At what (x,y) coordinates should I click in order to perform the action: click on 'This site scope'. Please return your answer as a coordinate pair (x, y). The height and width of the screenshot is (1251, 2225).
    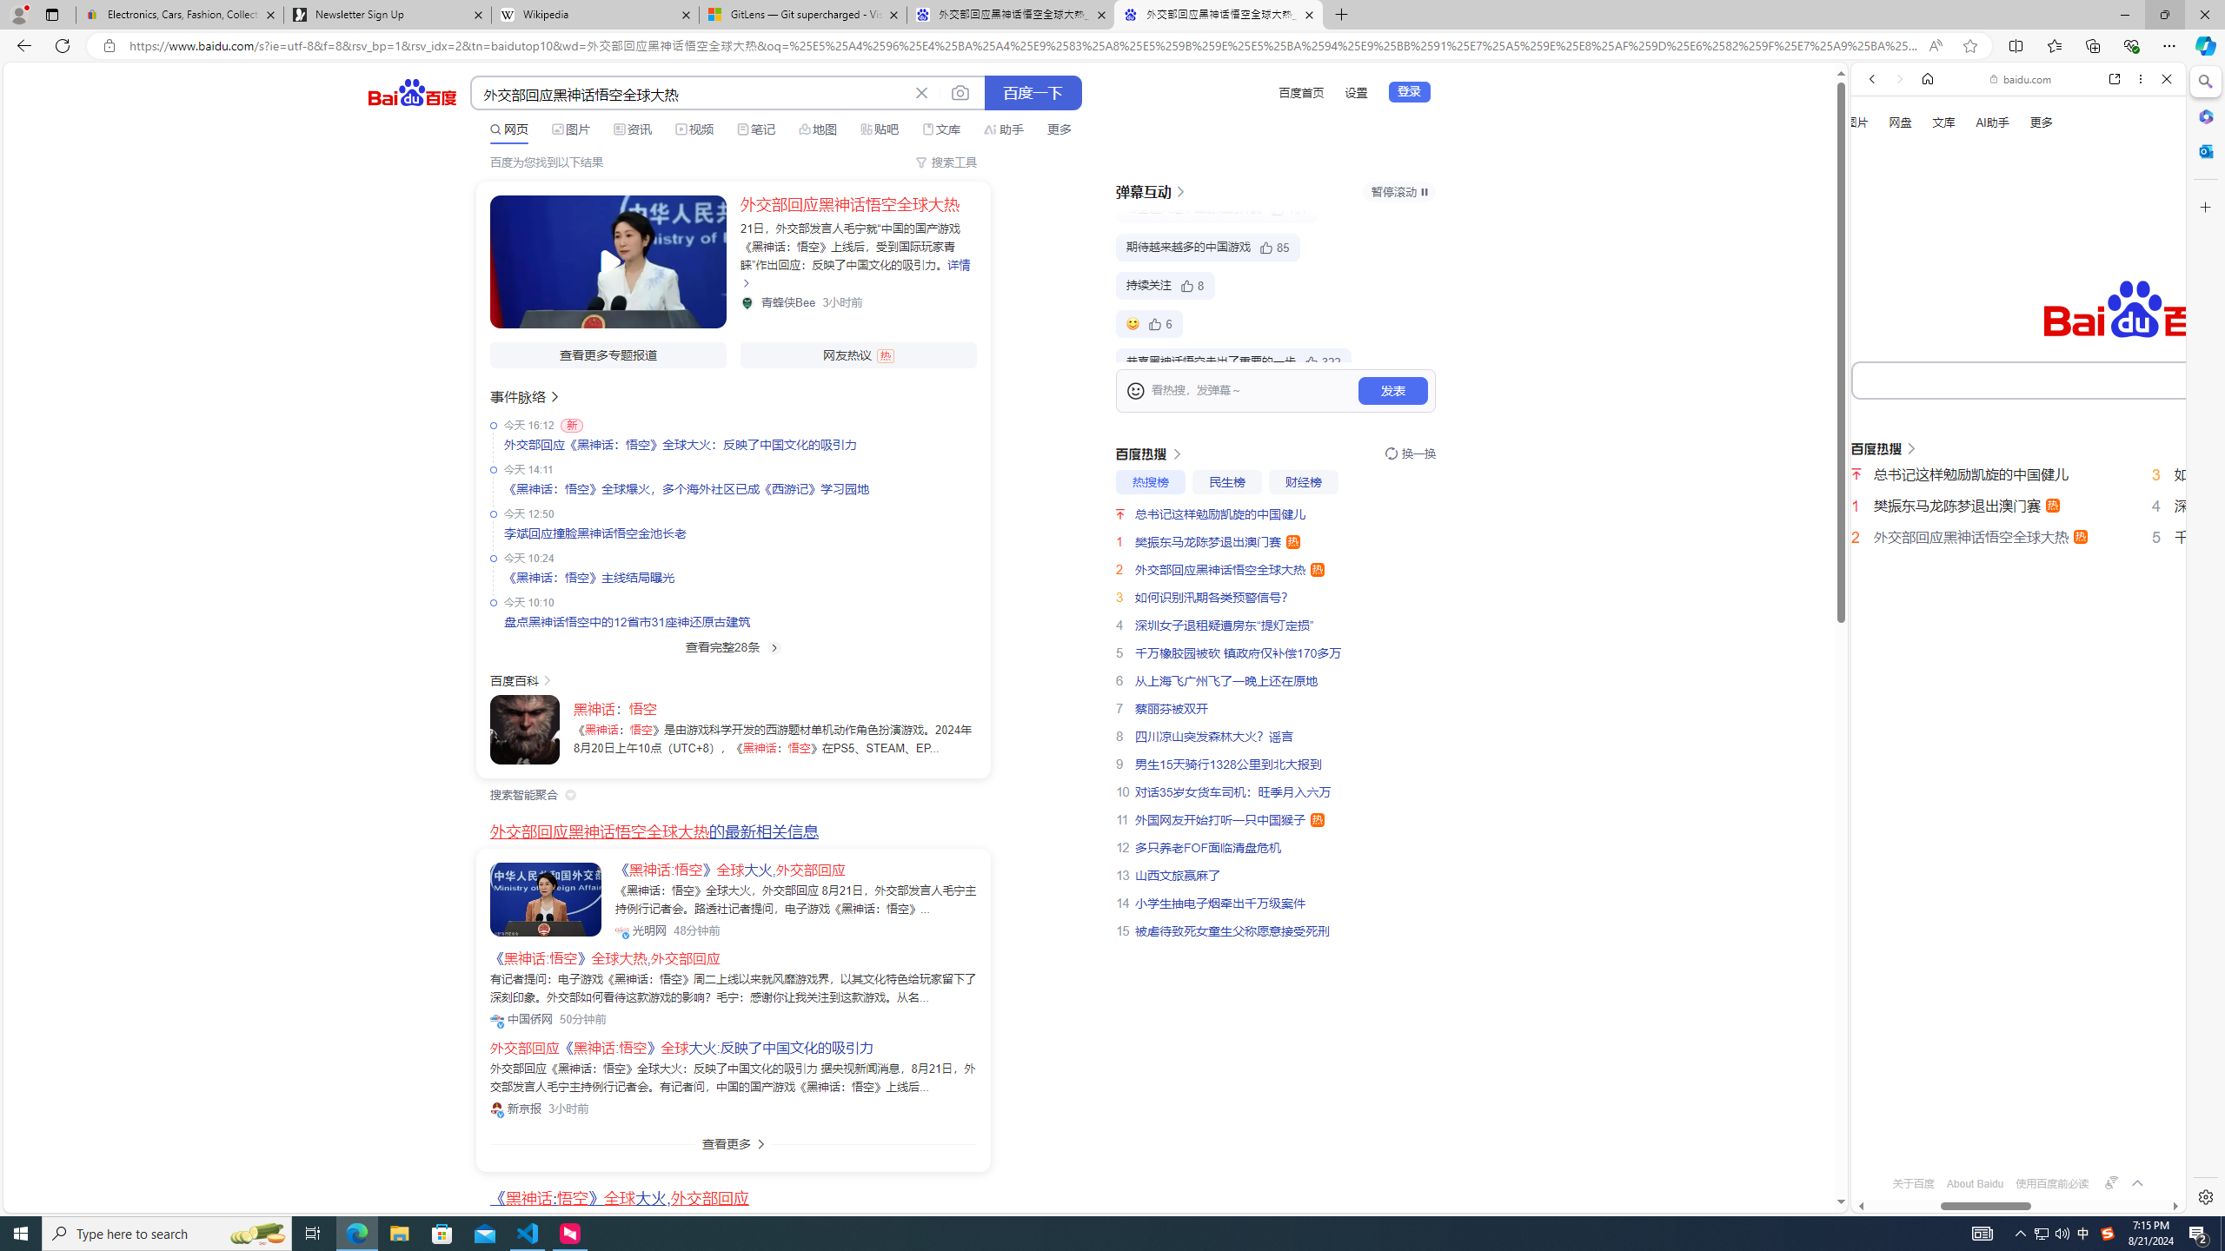
    Looking at the image, I should click on (1924, 156).